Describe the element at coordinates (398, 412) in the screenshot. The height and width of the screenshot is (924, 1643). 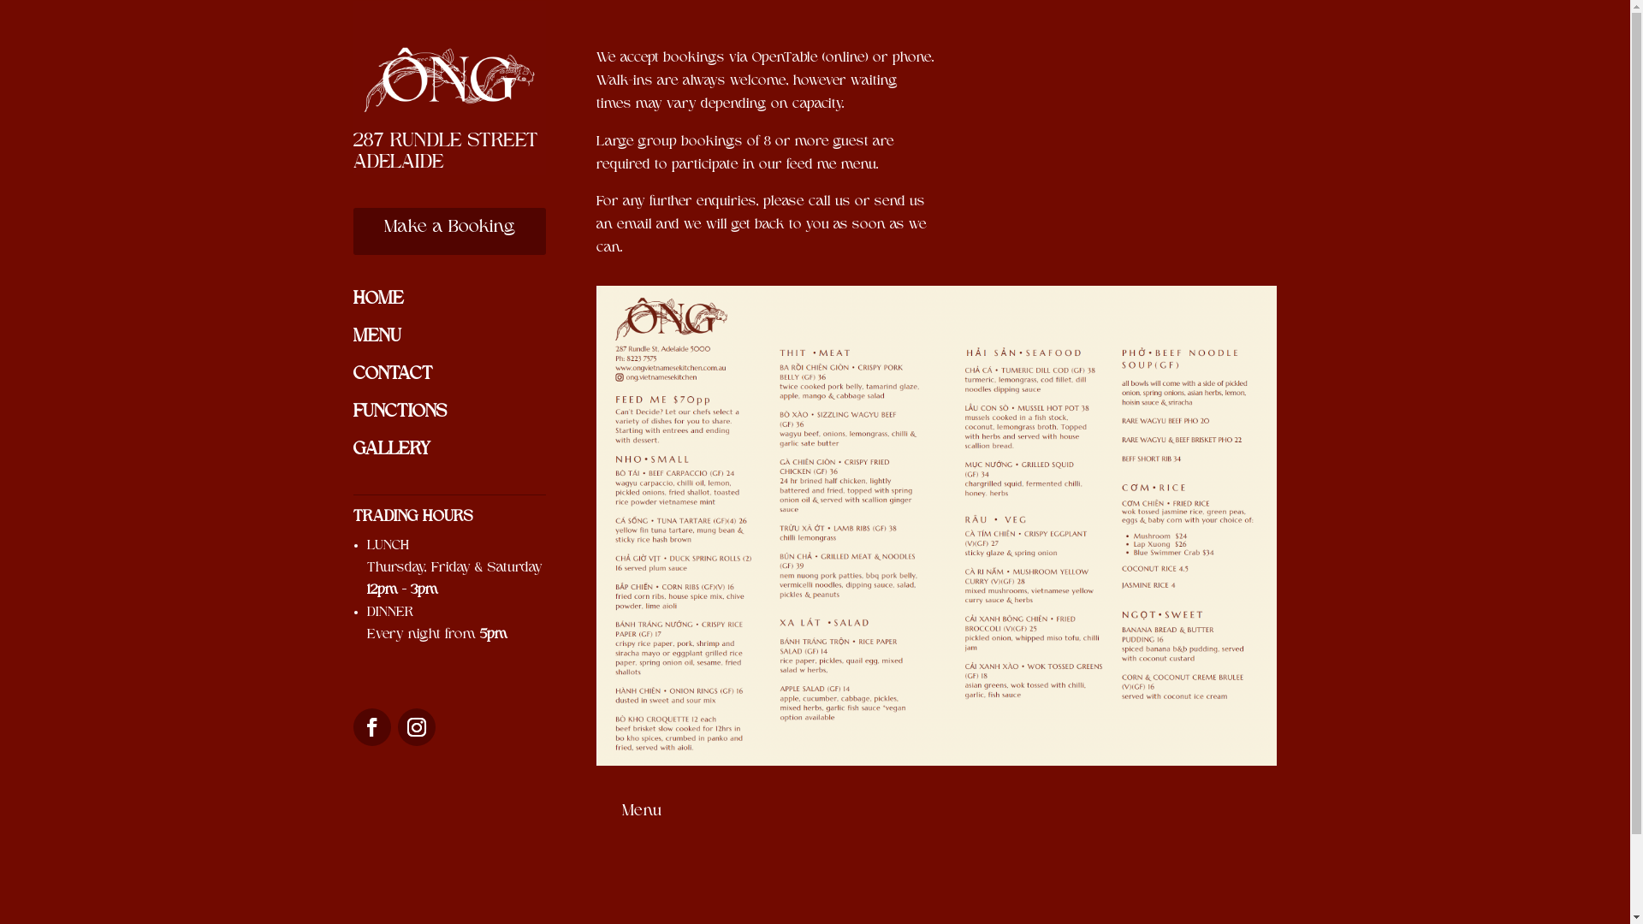
I see `'FUNCTIONS'` at that location.